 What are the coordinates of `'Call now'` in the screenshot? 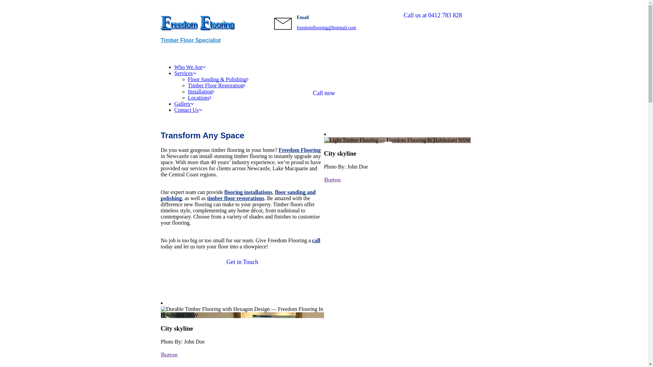 It's located at (323, 93).